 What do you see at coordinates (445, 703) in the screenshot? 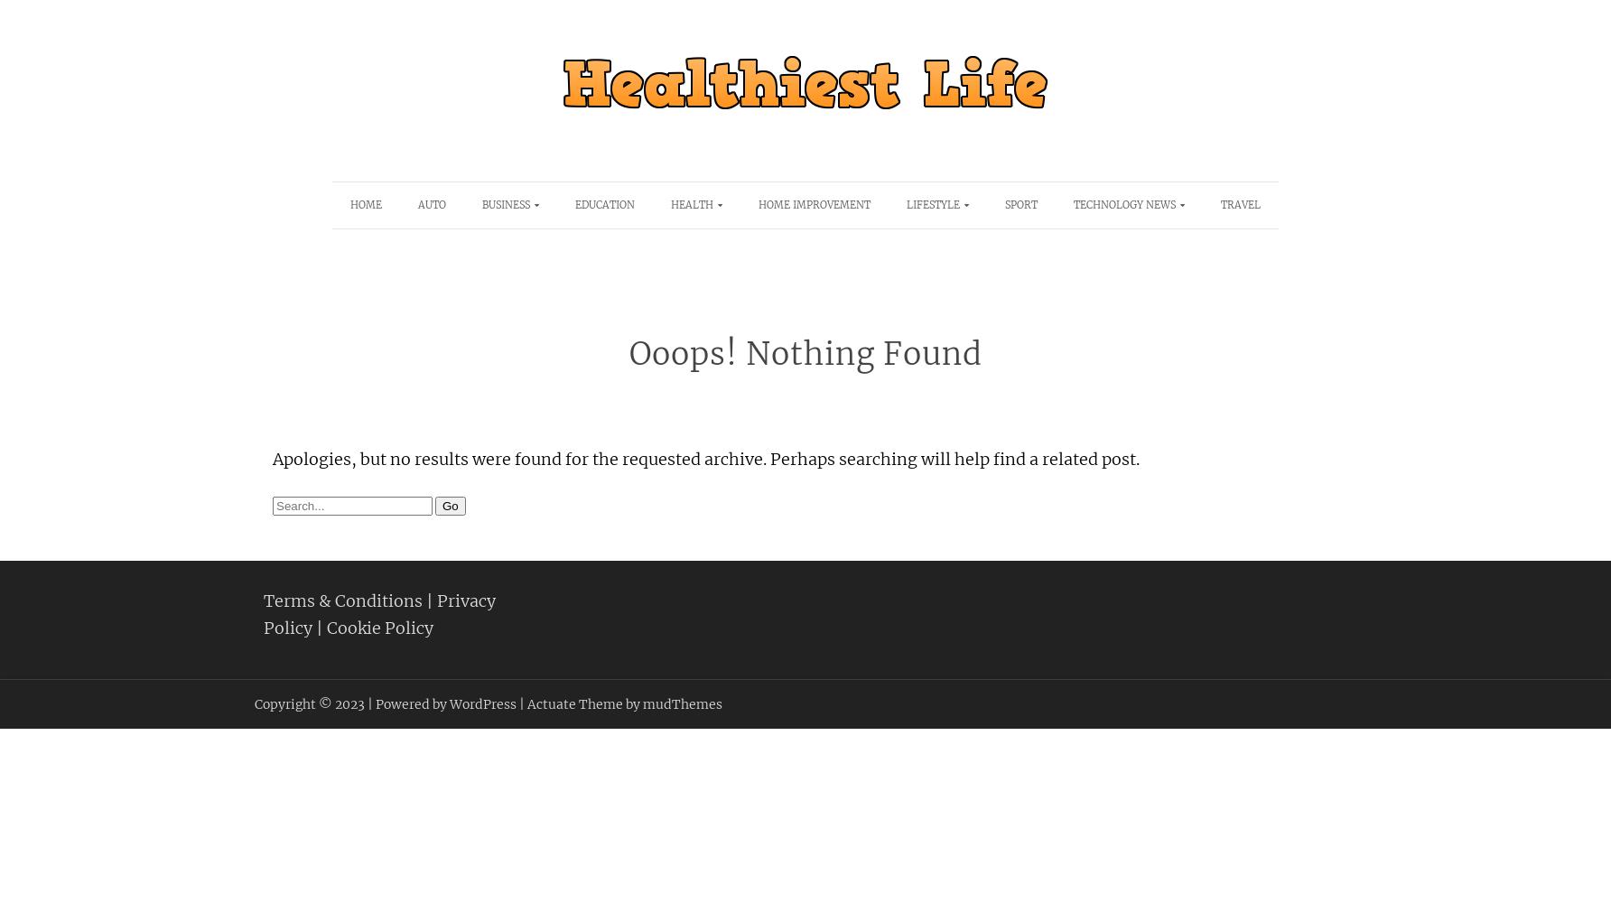
I see `'Powered by WordPress'` at bounding box center [445, 703].